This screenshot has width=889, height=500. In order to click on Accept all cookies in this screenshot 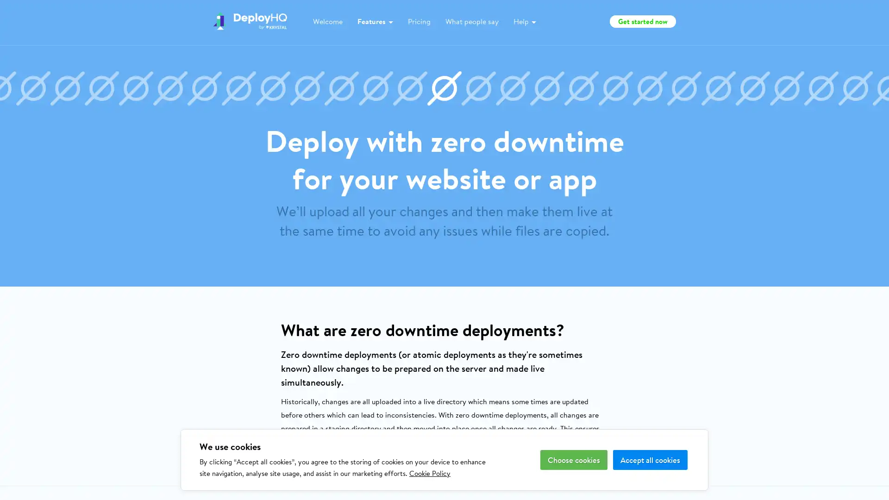, I will do `click(650, 460)`.